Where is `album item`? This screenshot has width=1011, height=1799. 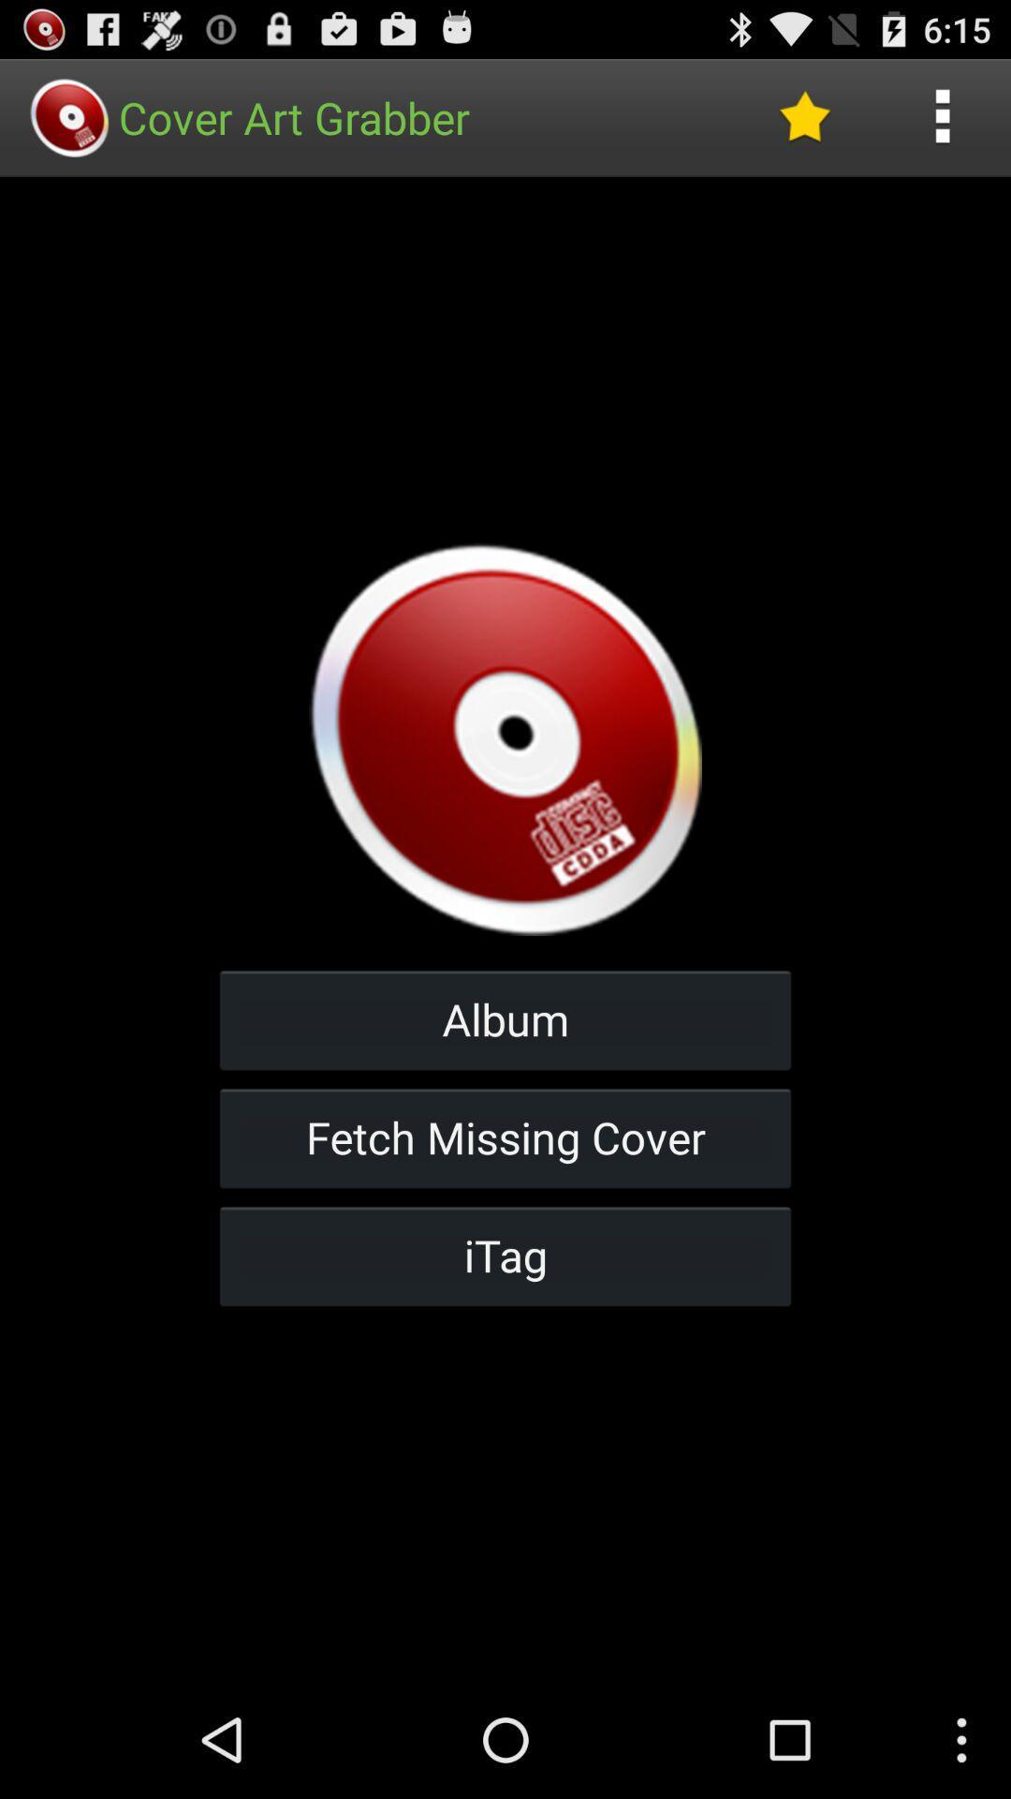
album item is located at coordinates (505, 1018).